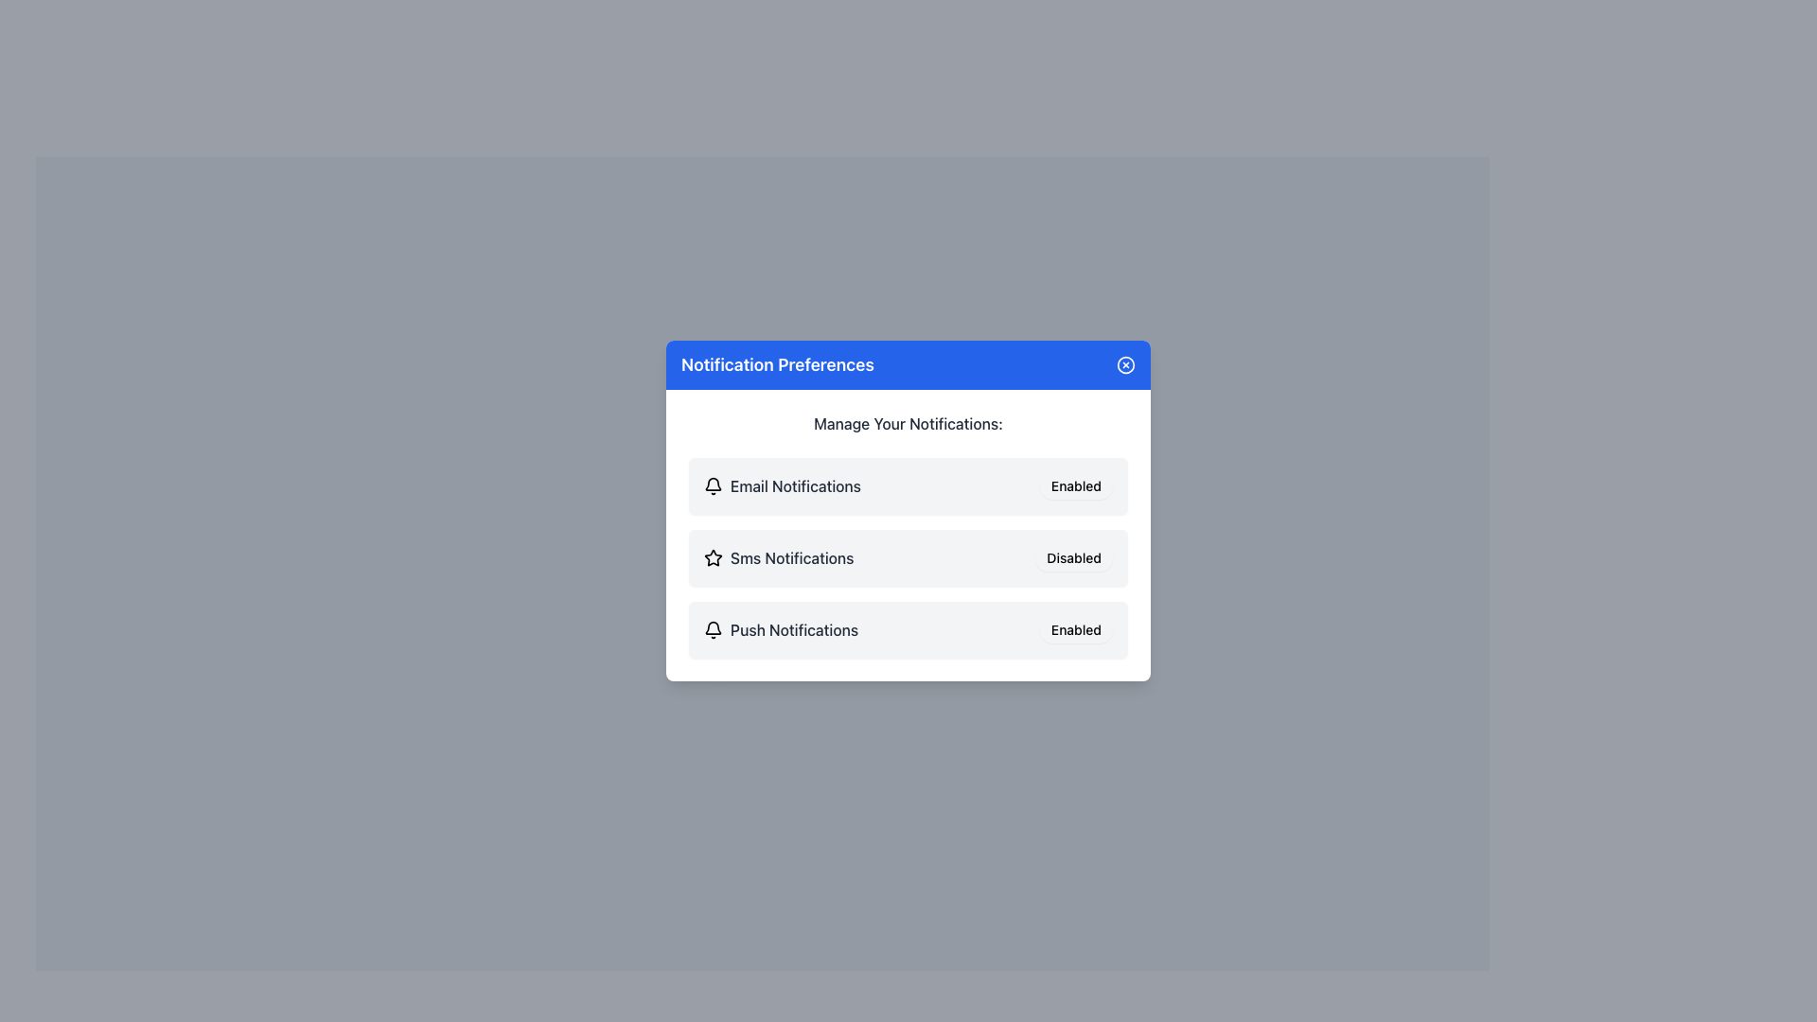 The image size is (1817, 1022). Describe the element at coordinates (779, 557) in the screenshot. I see `the Text Label with Icon that serves as a label for SMS notification preferences, positioned second from the top in the notification options list` at that location.